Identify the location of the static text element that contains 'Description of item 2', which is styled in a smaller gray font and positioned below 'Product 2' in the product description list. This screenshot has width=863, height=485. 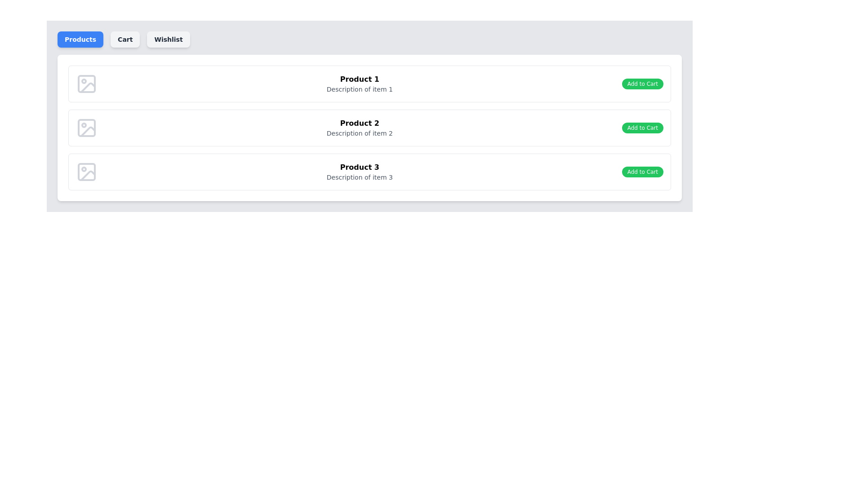
(360, 133).